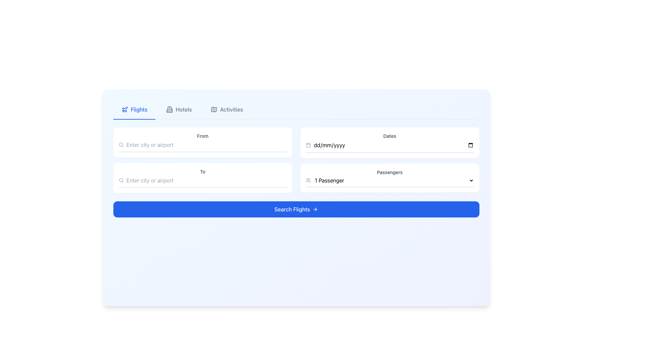 The width and height of the screenshot is (646, 363). I want to click on the icon indicating the purpose of the input field for selecting the number of passengers, located to the left of the text input displaying '1 Passenger', so click(308, 180).